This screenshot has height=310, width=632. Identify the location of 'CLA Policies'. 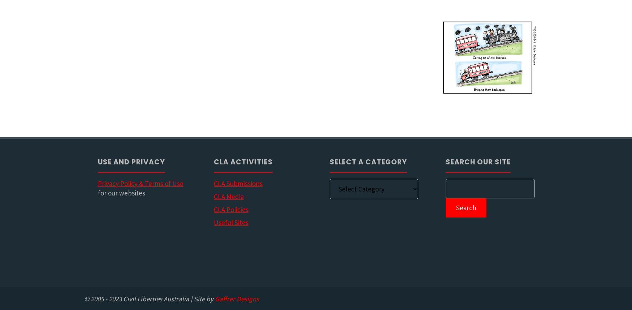
(230, 208).